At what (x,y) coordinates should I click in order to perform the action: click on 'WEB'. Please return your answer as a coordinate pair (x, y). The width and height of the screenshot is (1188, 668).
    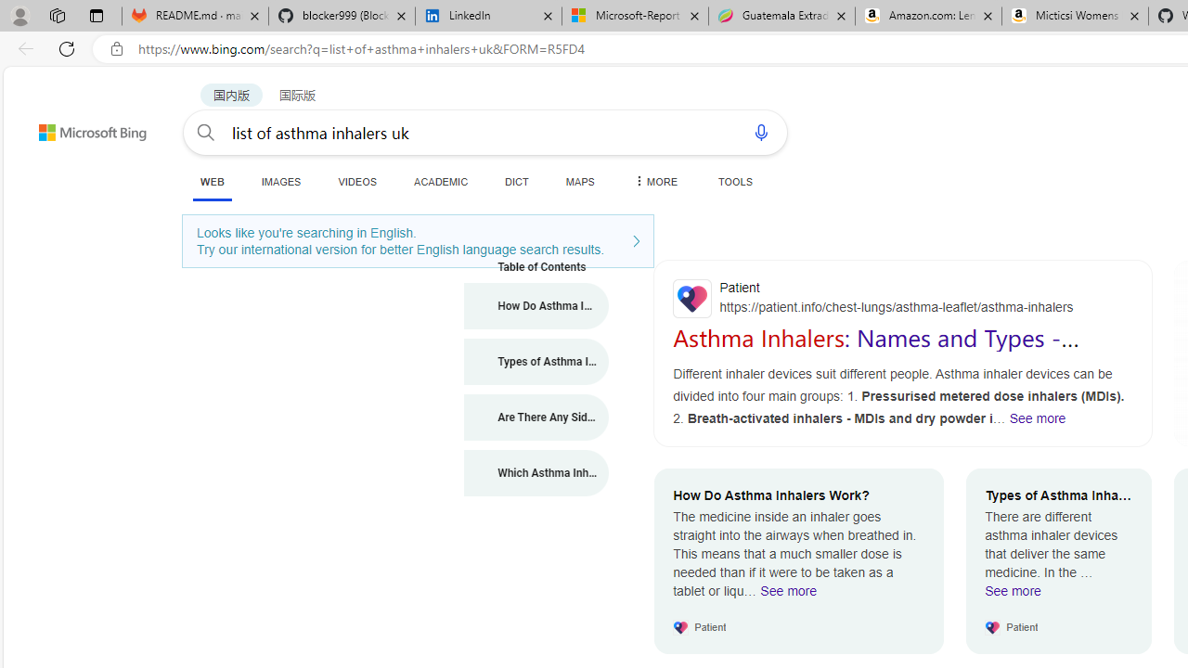
    Looking at the image, I should click on (212, 183).